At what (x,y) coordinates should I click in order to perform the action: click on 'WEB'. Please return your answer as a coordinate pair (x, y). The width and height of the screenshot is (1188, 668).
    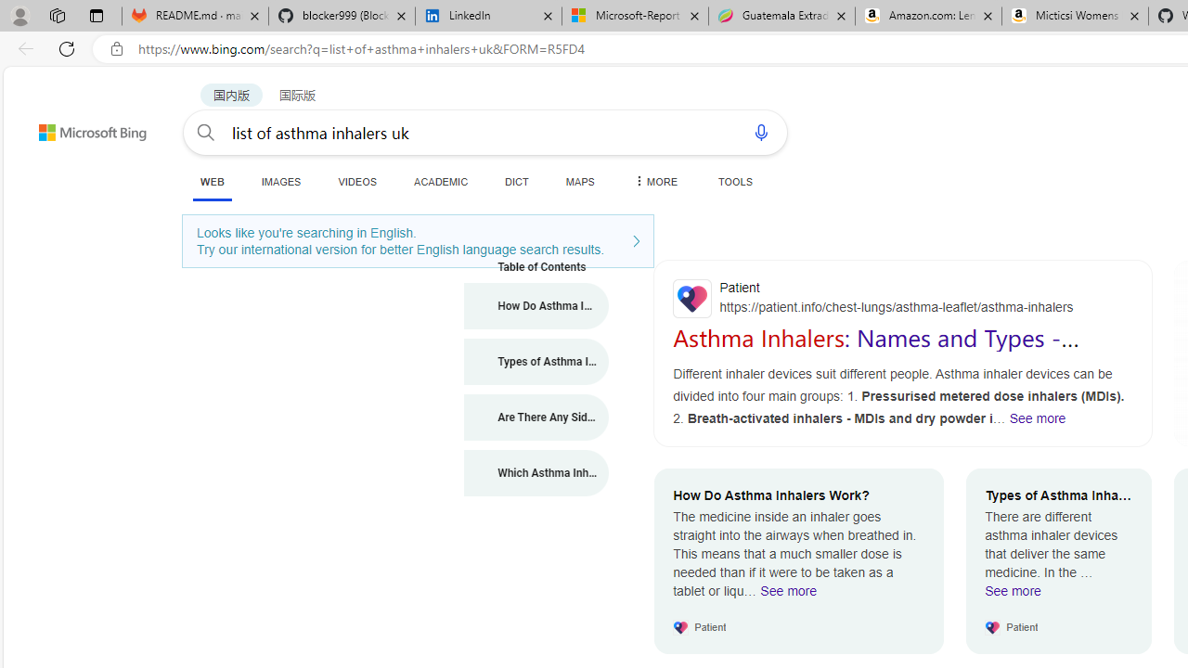
    Looking at the image, I should click on (212, 183).